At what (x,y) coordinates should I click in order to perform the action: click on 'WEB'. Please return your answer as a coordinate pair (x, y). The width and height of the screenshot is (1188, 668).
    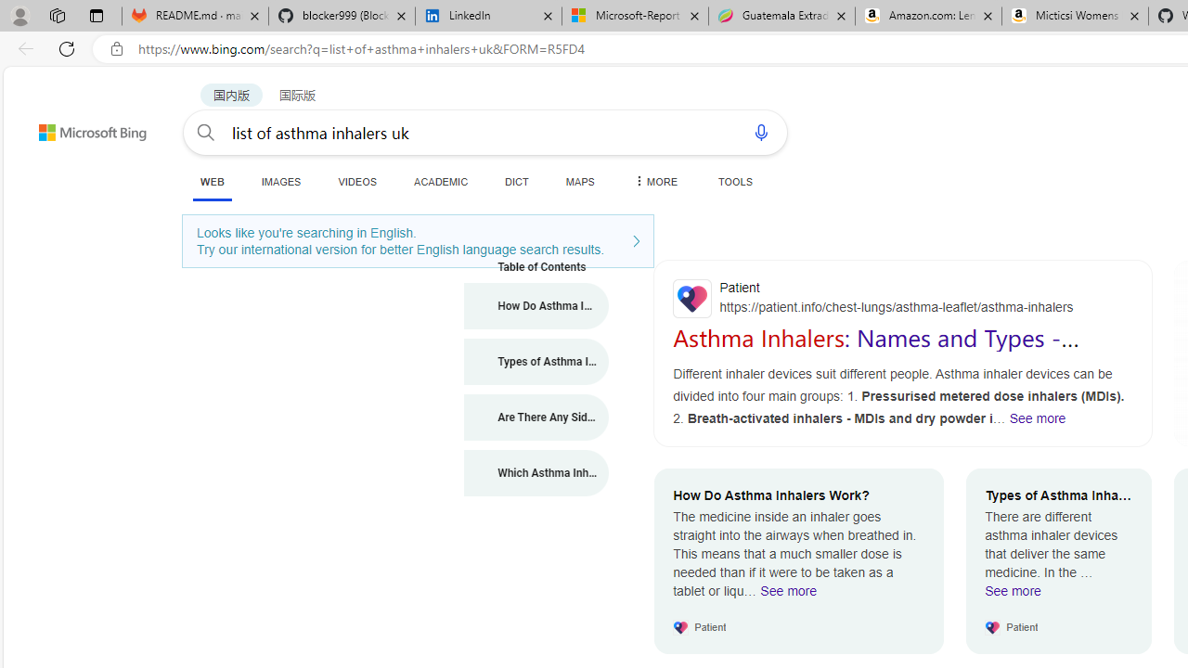
    Looking at the image, I should click on (212, 183).